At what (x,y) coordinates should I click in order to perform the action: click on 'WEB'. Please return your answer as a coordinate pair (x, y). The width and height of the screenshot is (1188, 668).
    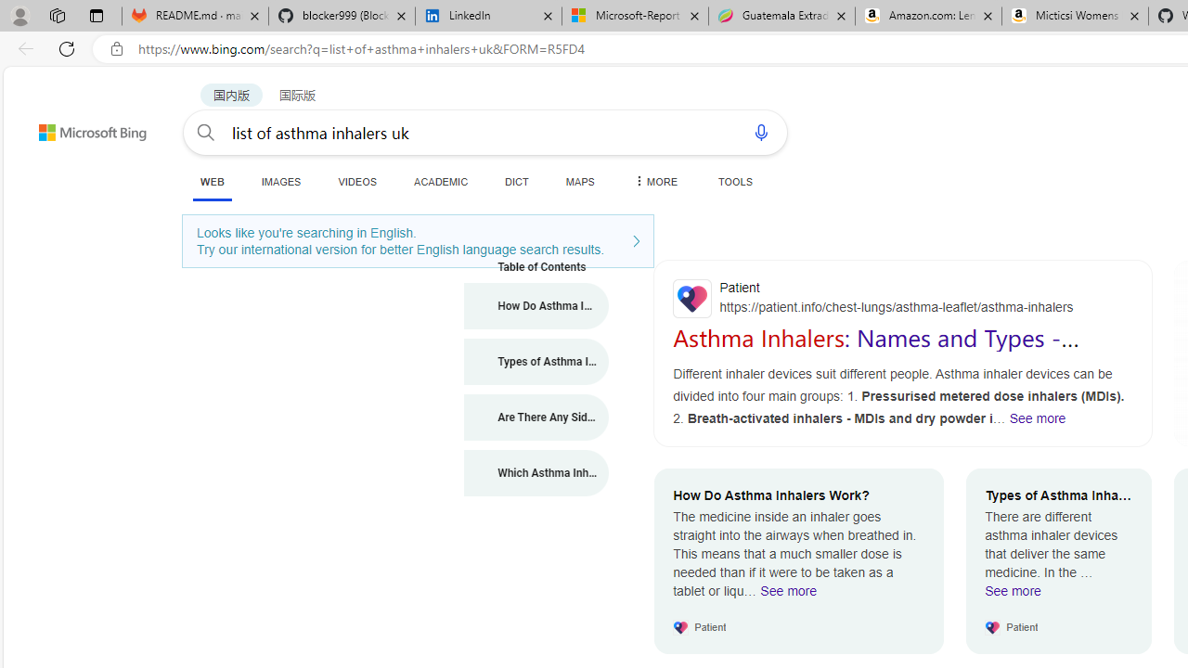
    Looking at the image, I should click on (212, 183).